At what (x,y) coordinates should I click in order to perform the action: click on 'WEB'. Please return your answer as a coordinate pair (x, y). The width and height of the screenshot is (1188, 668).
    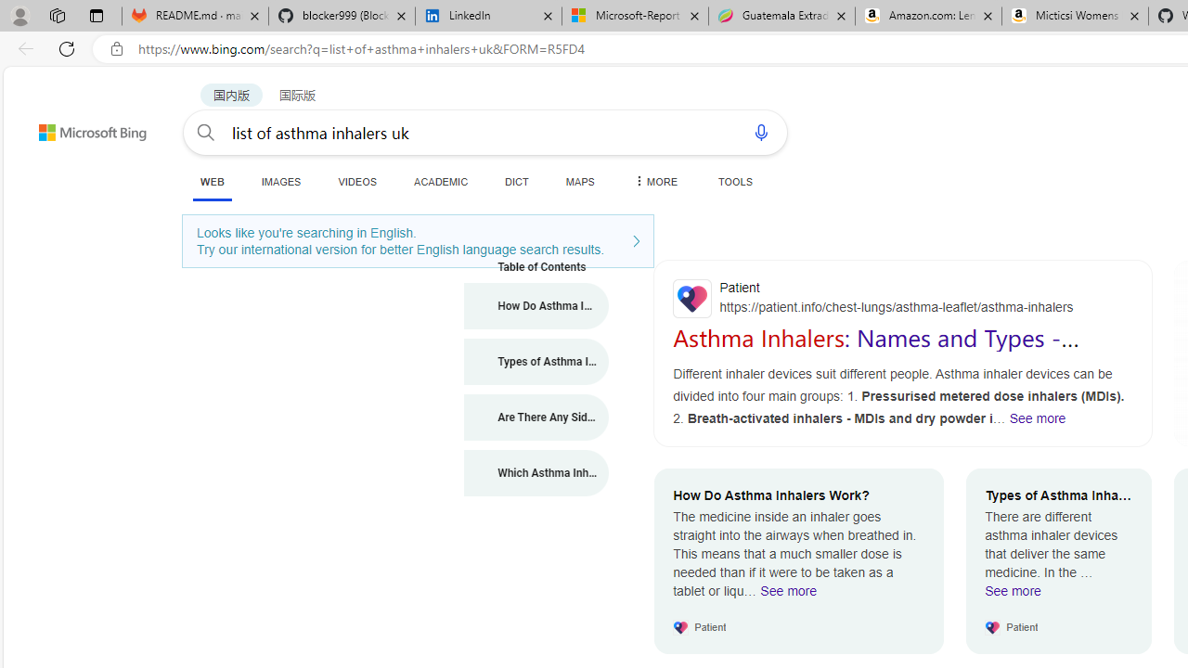
    Looking at the image, I should click on (212, 183).